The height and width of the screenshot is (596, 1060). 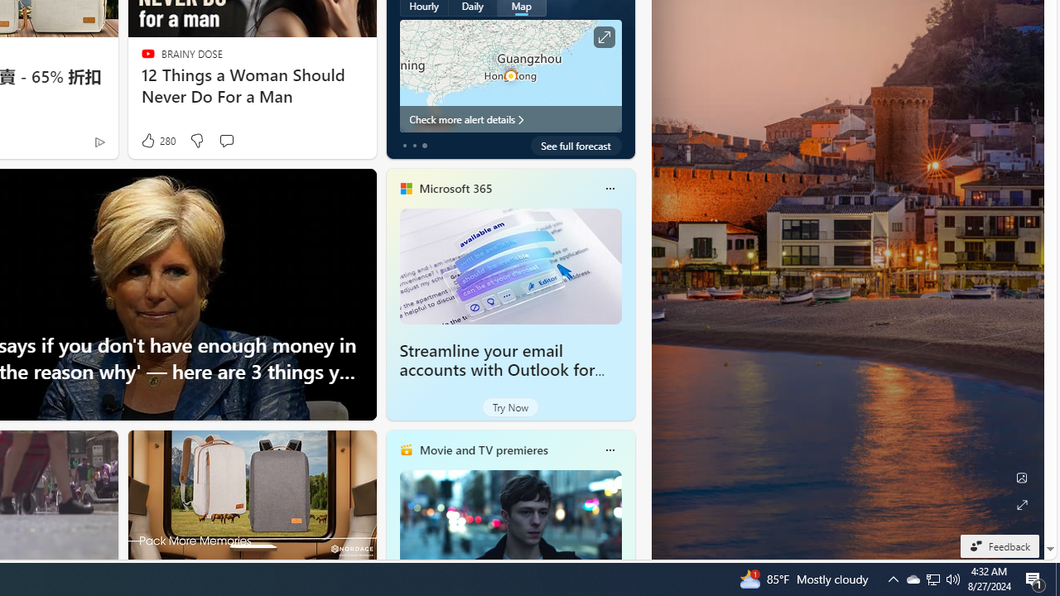 What do you see at coordinates (509, 265) in the screenshot?
I see `'Streamline your email accounts with Outlook for Windows'` at bounding box center [509, 265].